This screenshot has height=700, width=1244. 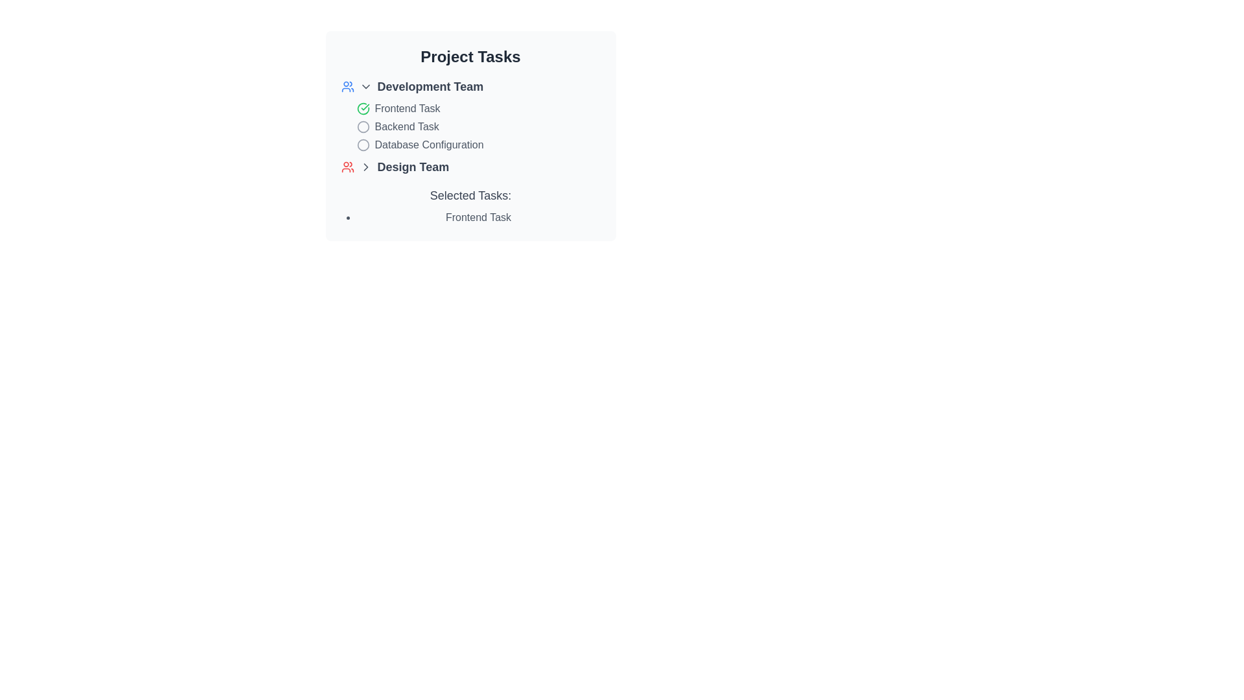 I want to click on the text label displaying 'Frontend Task' within the 'Development Team' section, which is styled in gray and positioned next to a green checkmark icon, so click(x=406, y=108).